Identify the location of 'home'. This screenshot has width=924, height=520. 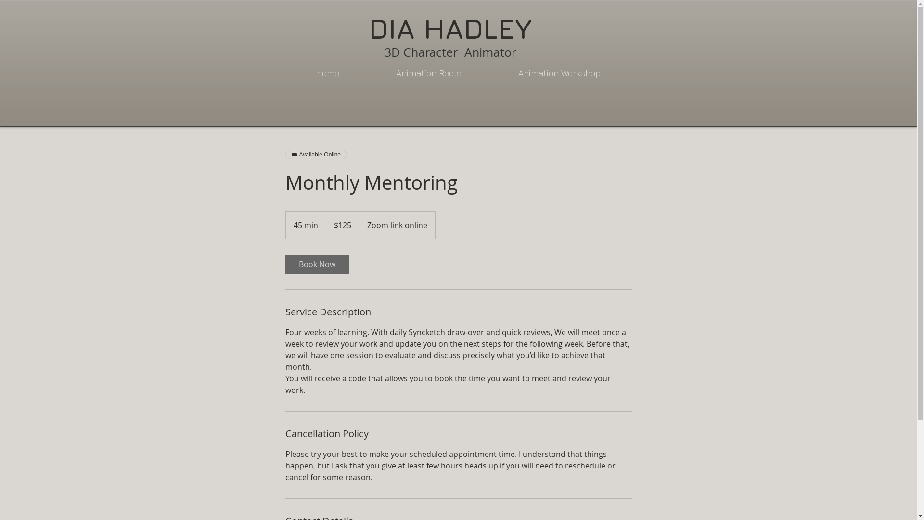
(327, 72).